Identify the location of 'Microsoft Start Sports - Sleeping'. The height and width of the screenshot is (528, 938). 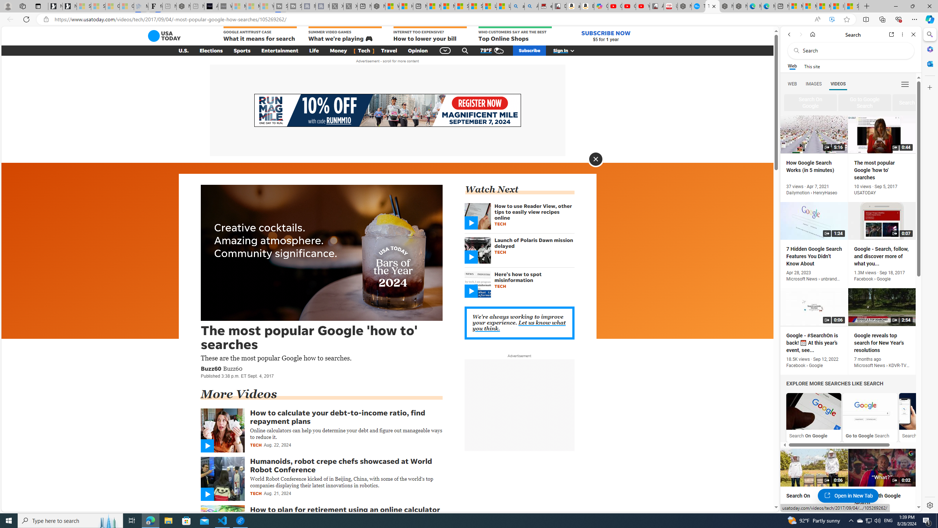
(239, 6).